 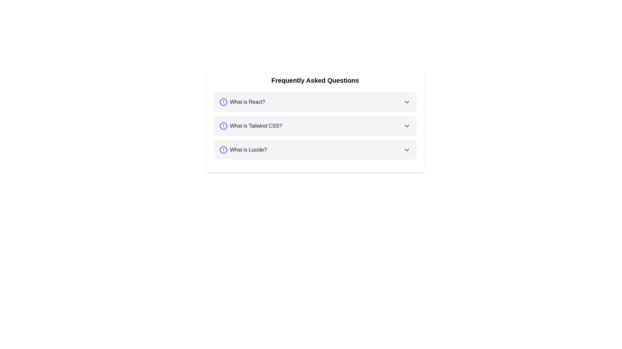 I want to click on the gray downward-facing chevron icon located at the right end of the header row labeled 'What is Lucide?', so click(x=407, y=150).